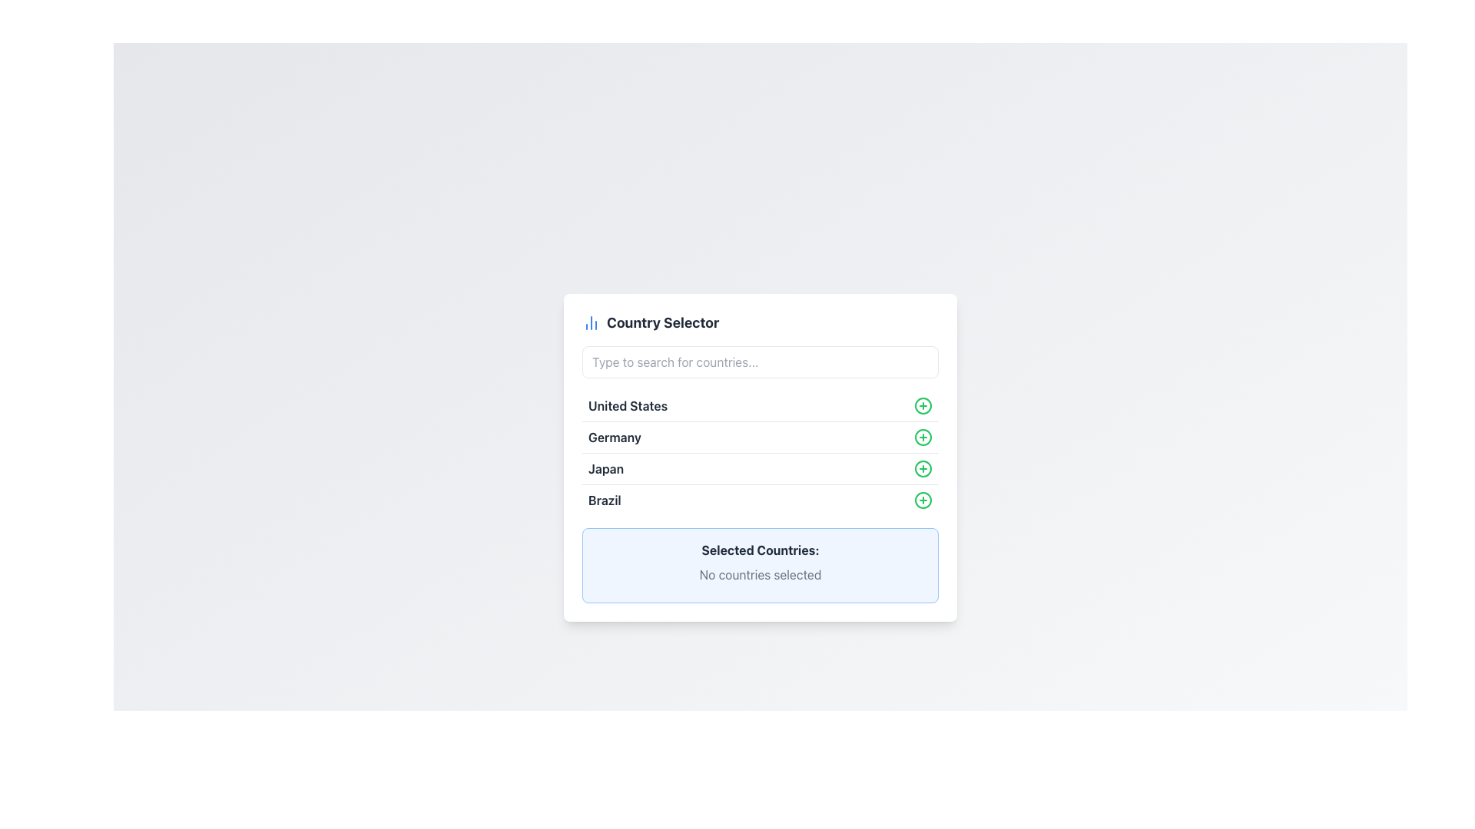 This screenshot has width=1475, height=829. I want to click on text from the first item in the vertically stacked list of country names, which displays 'United States' in bold and dark gray, so click(628, 405).